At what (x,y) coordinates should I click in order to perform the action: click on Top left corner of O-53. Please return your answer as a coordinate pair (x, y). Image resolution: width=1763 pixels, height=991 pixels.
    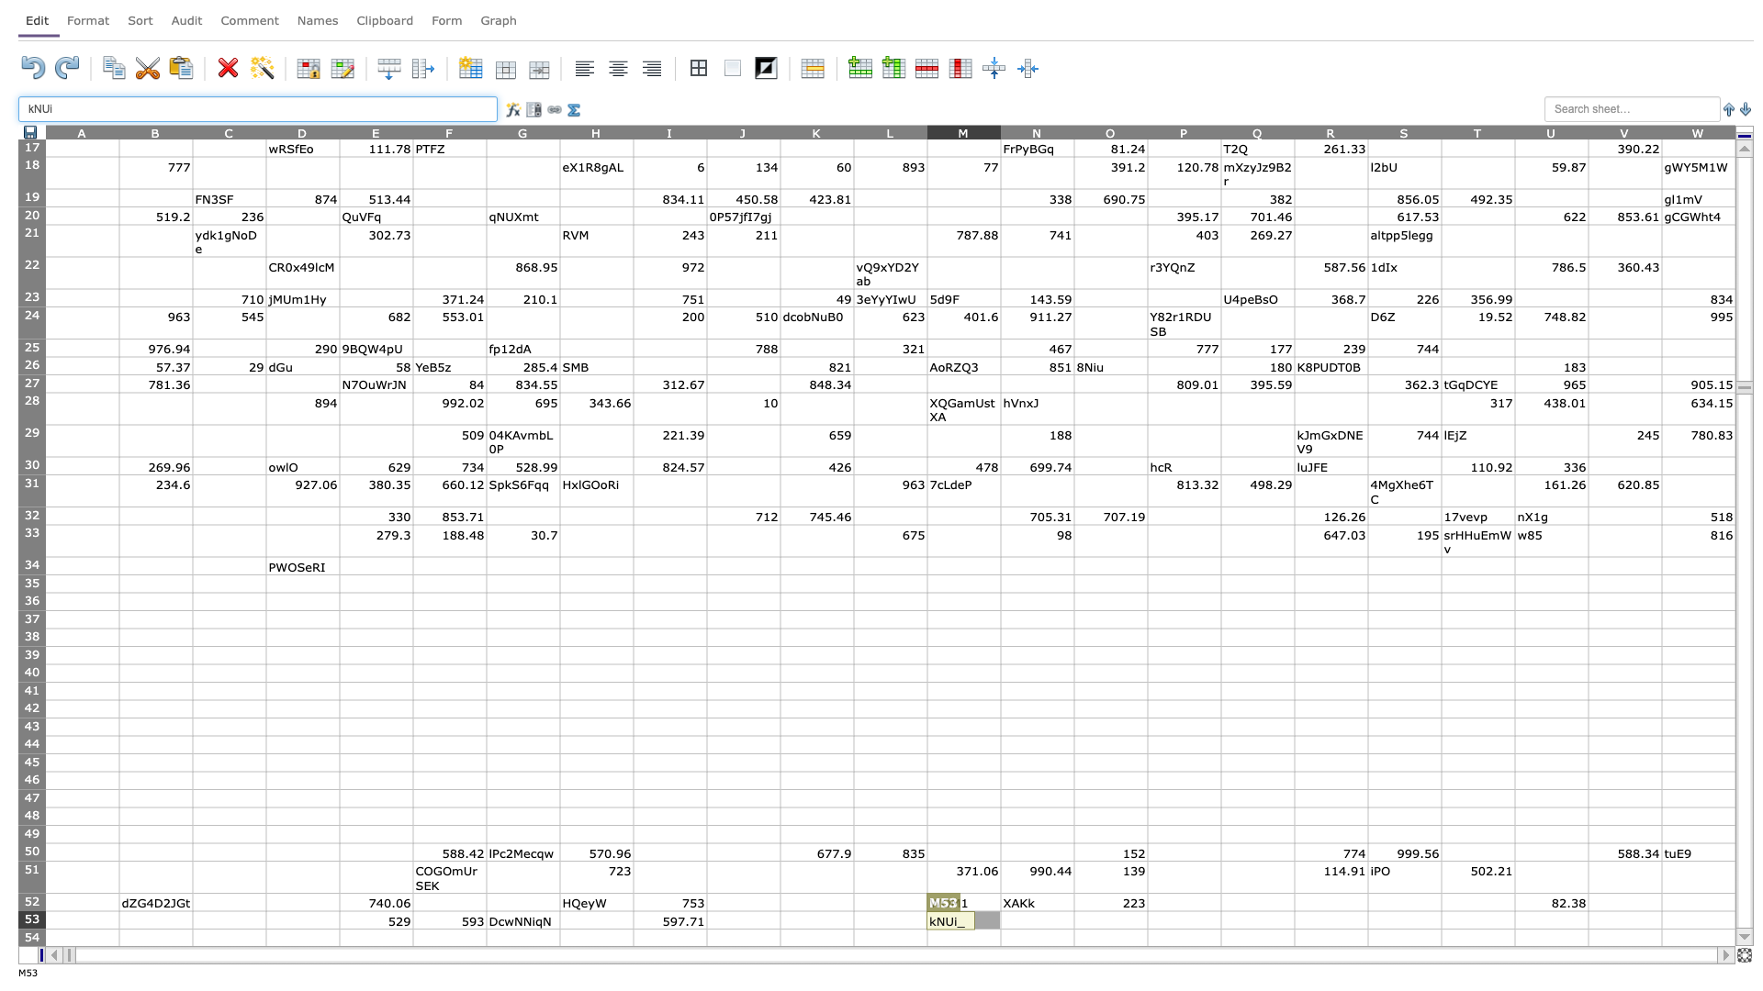
    Looking at the image, I should click on (1074, 910).